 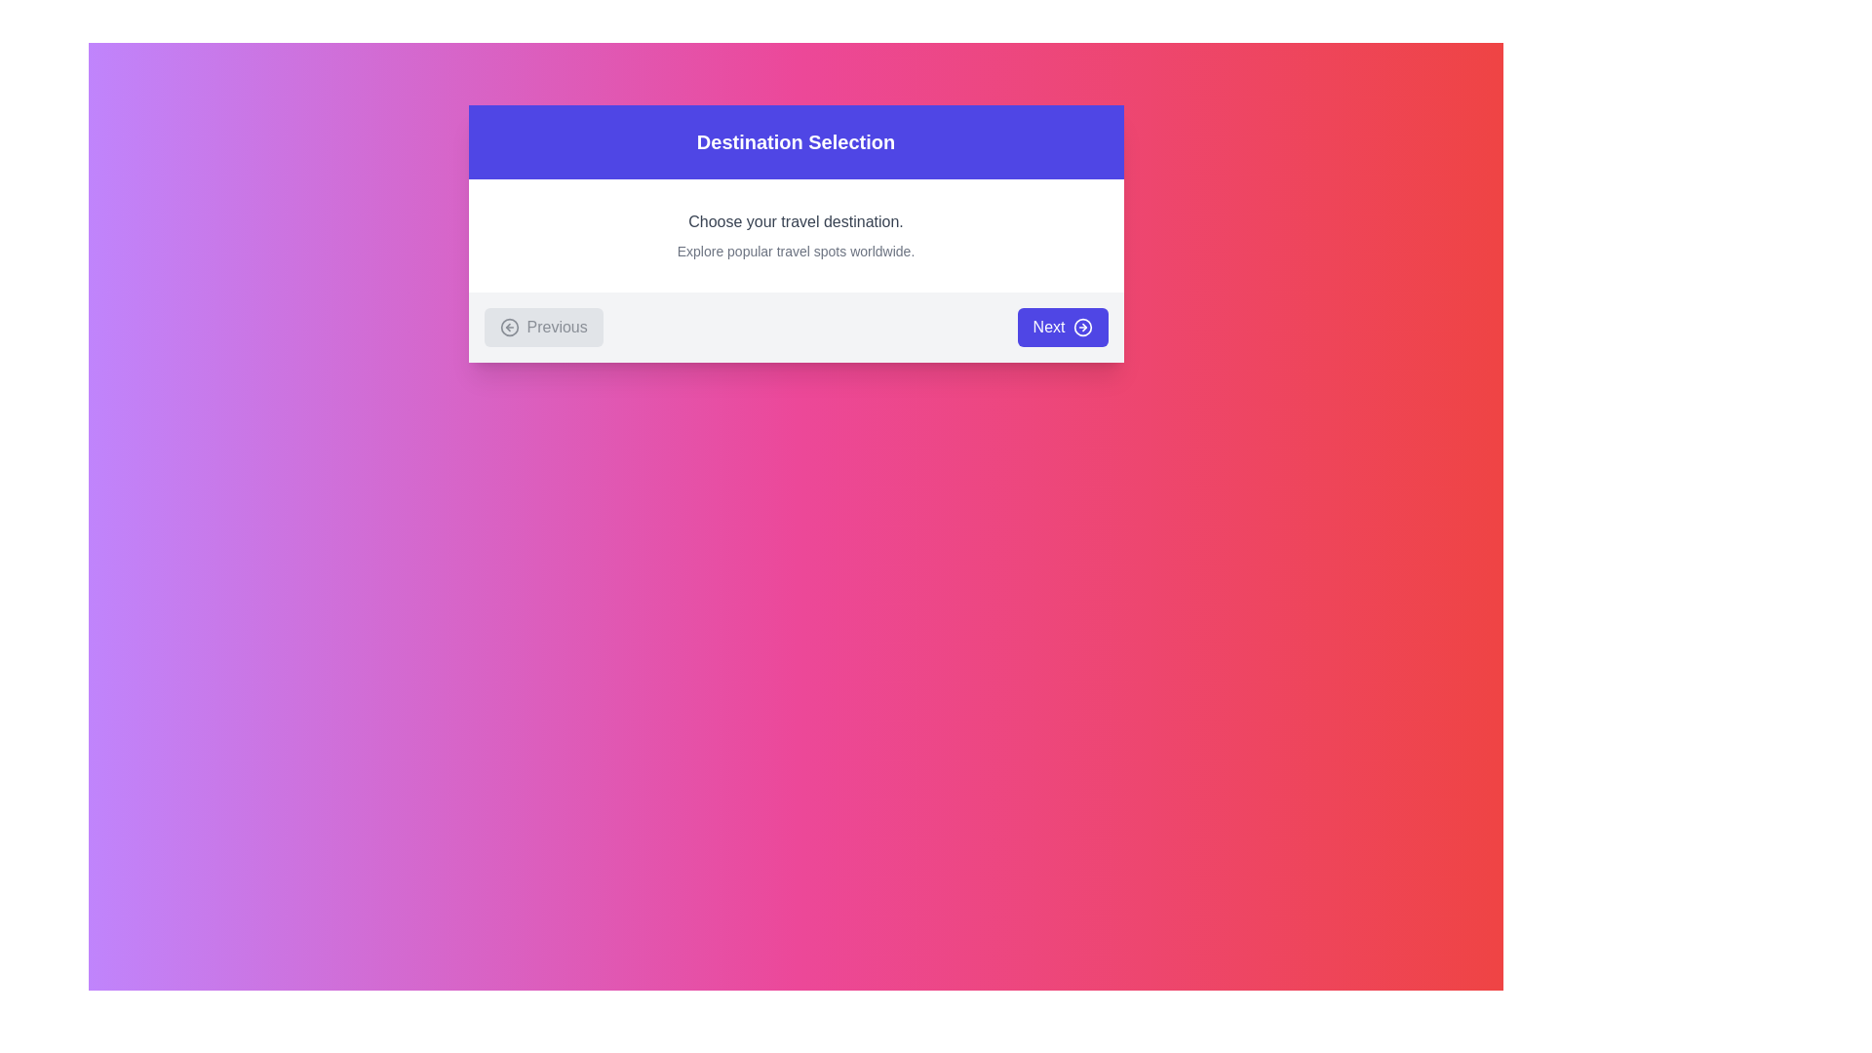 What do you see at coordinates (1061, 326) in the screenshot?
I see `the second button in the dialog box, located at the bottom-right corner` at bounding box center [1061, 326].